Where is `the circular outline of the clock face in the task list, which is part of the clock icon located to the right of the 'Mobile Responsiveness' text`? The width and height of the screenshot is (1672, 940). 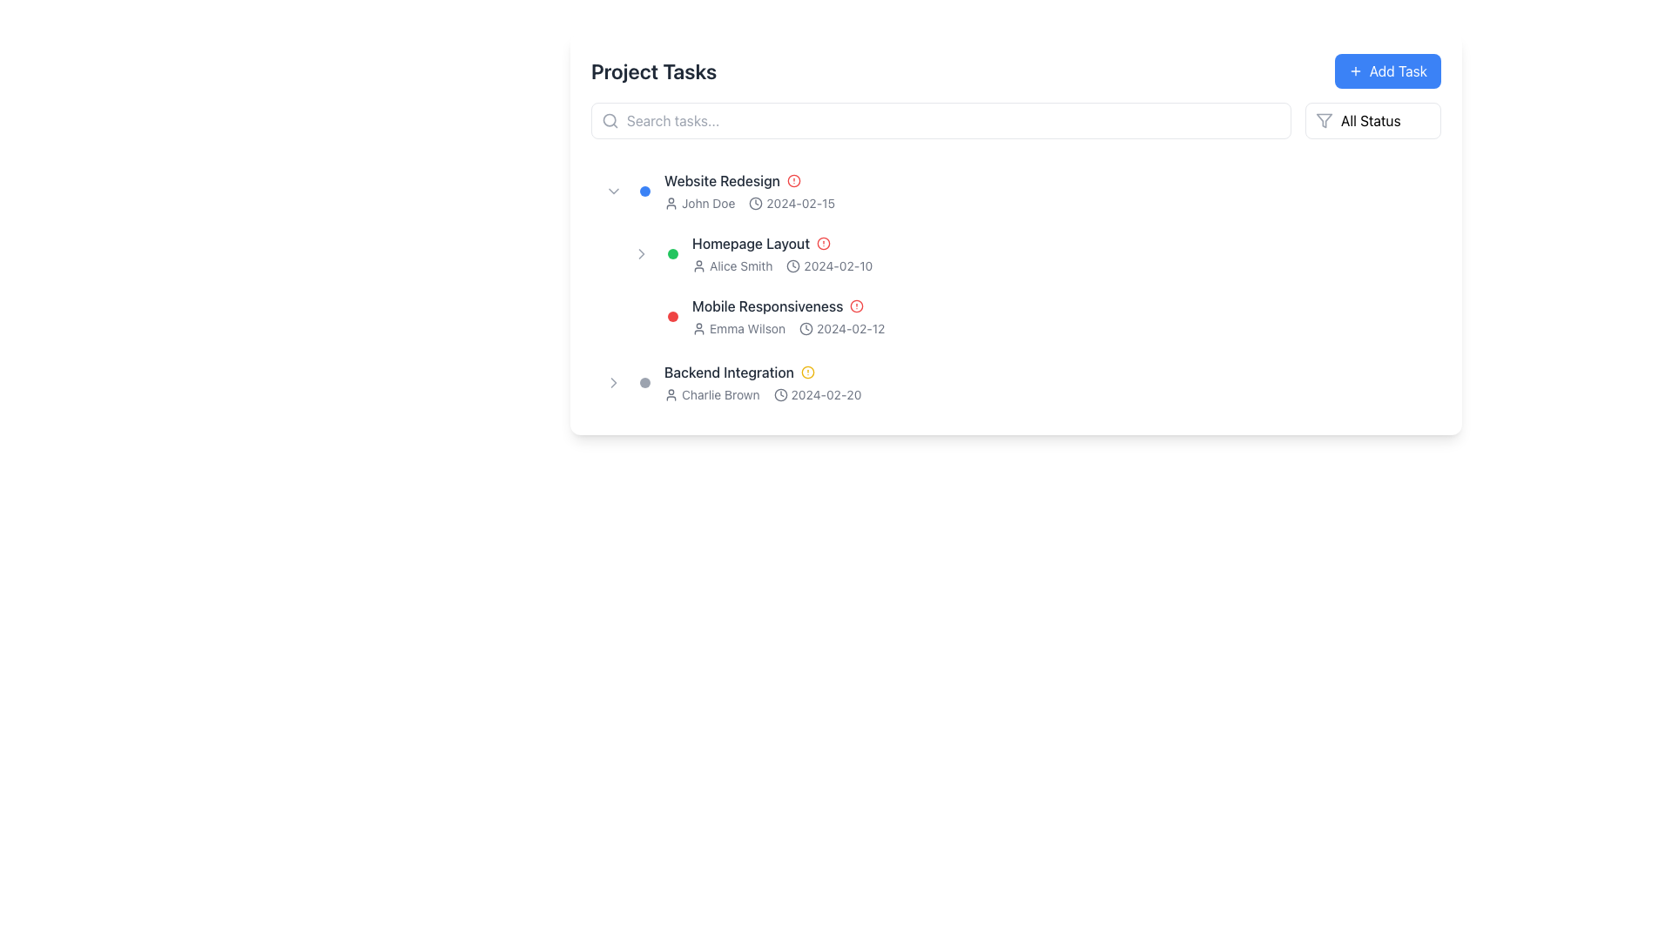
the circular outline of the clock face in the task list, which is part of the clock icon located to the right of the 'Mobile Responsiveness' text is located at coordinates (779, 395).